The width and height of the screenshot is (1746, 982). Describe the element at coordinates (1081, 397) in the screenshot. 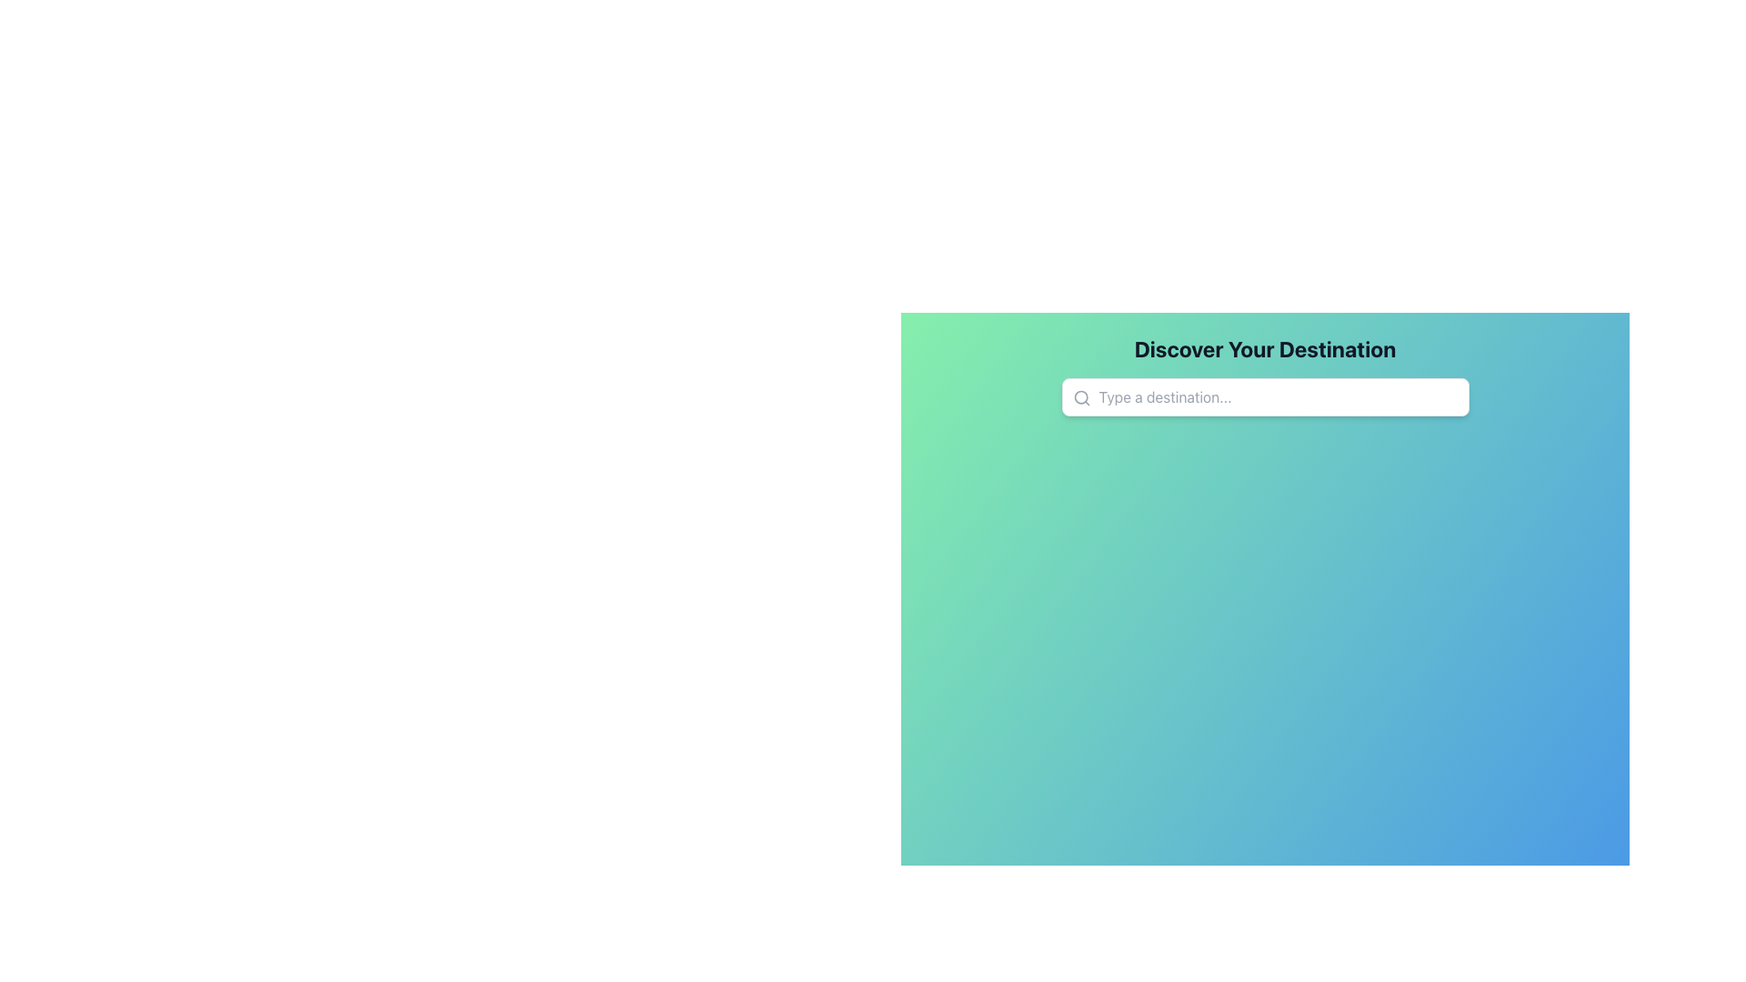

I see `the magnifying glass icon representing the search functionality located on the left side of the search input field below the 'Discover Your Destination' title` at that location.